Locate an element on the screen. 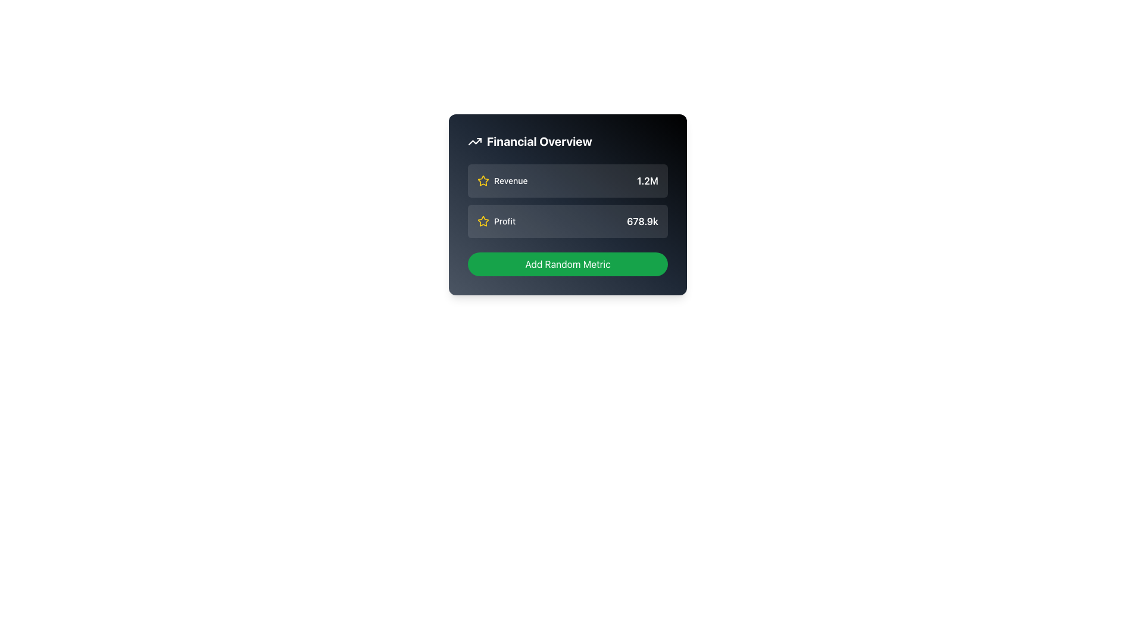 Image resolution: width=1143 pixels, height=643 pixels. the star icon representing the 'Revenue' category, which is positioned to the left of the 'Revenue' text label is located at coordinates (483, 181).